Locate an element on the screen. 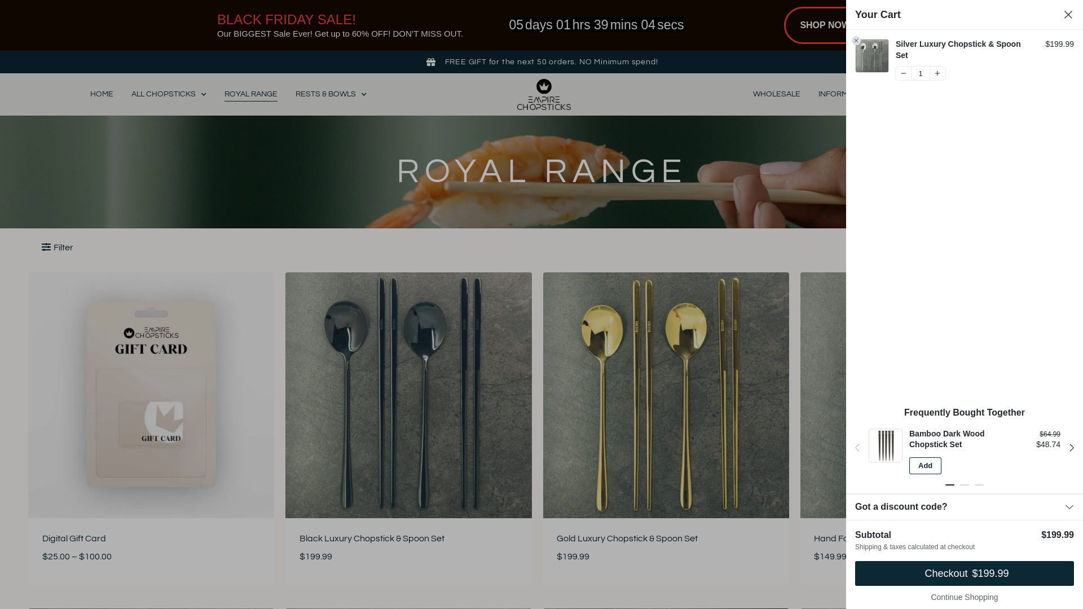 The width and height of the screenshot is (1083, 609). 'Continue Shopping' is located at coordinates (855, 597).